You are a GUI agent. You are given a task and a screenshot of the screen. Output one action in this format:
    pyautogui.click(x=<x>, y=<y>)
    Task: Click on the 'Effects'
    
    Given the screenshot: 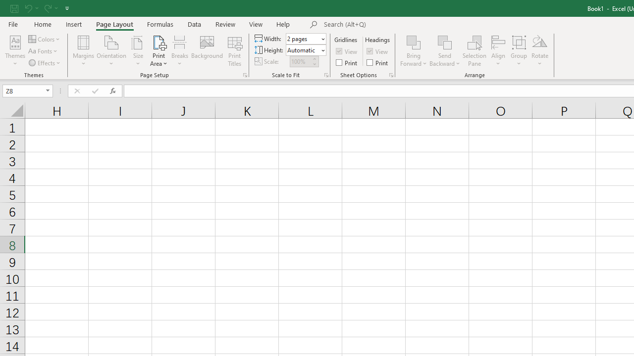 What is the action you would take?
    pyautogui.click(x=45, y=63)
    